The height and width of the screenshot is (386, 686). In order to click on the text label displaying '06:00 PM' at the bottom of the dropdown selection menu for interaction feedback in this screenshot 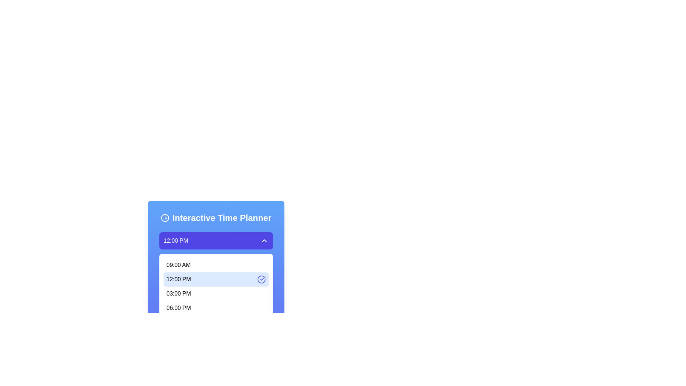, I will do `click(179, 307)`.